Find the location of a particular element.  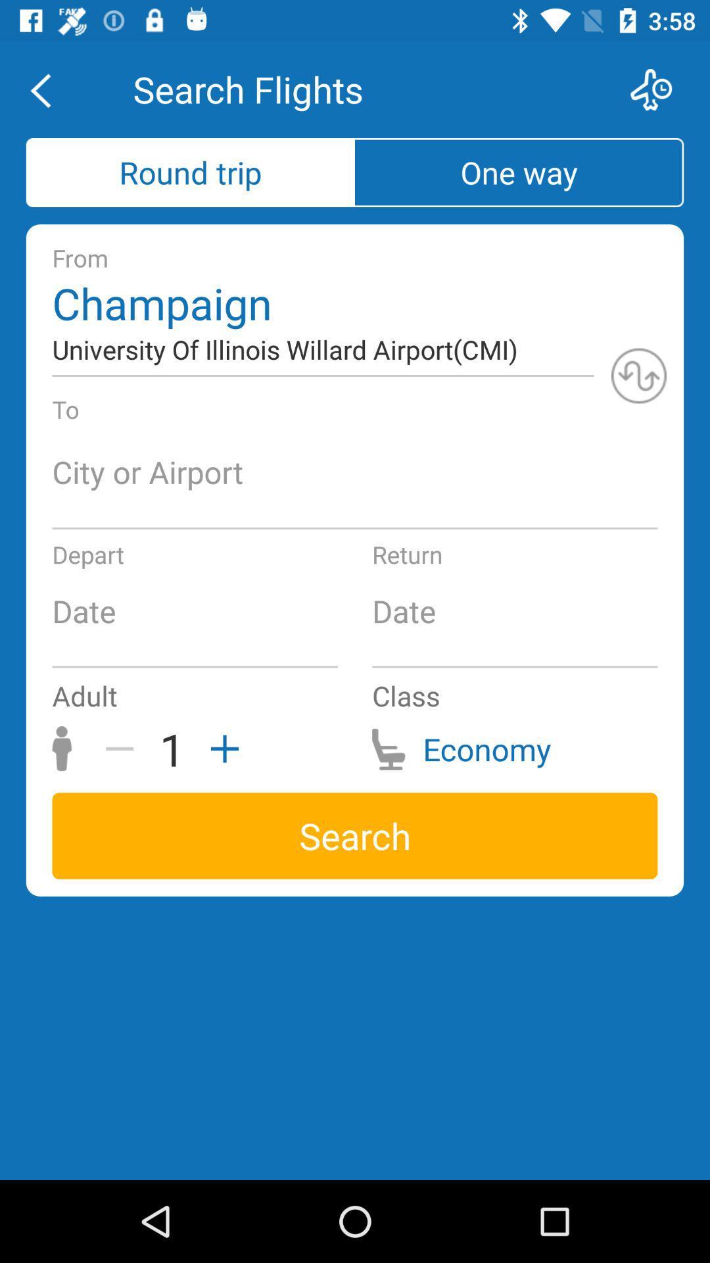

the item to the right of the 1 icon is located at coordinates (220, 749).